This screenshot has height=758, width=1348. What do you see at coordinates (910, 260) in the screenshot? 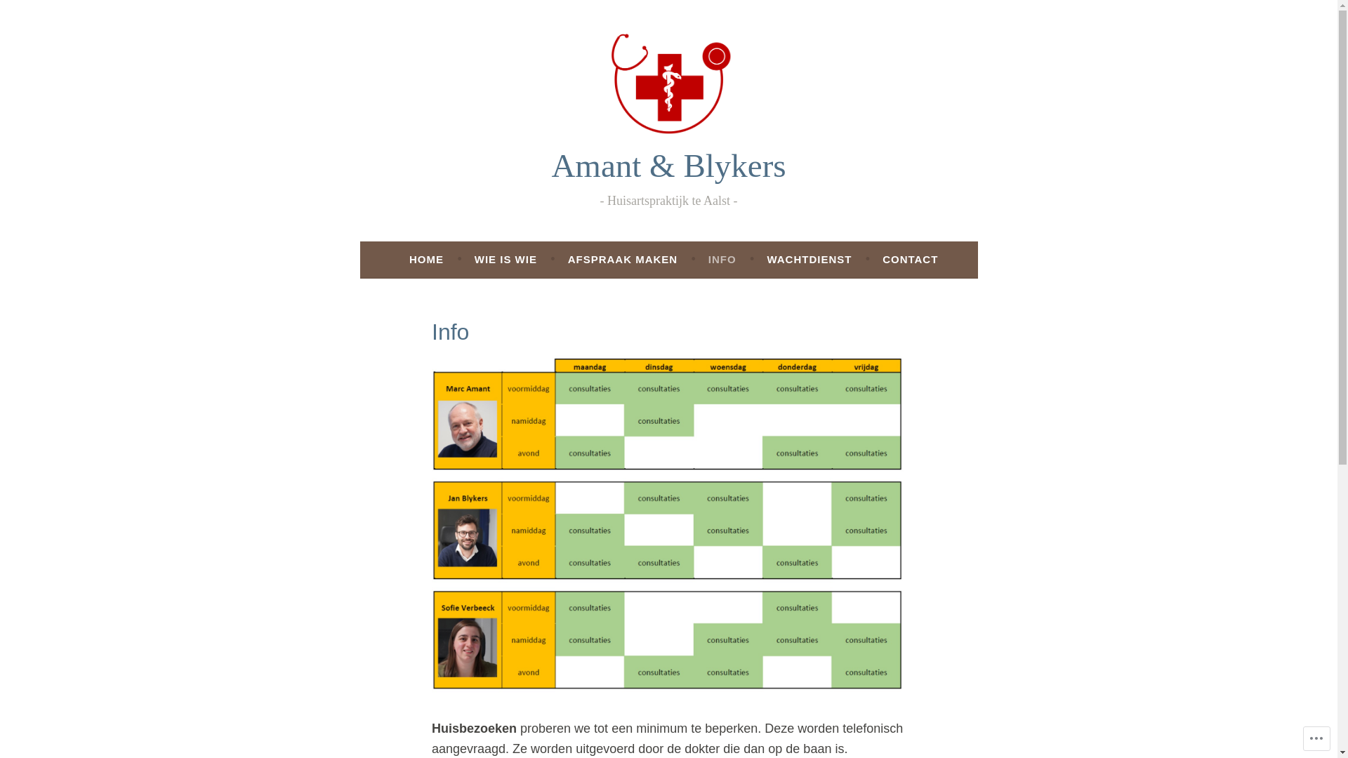
I see `'CONTACT'` at bounding box center [910, 260].